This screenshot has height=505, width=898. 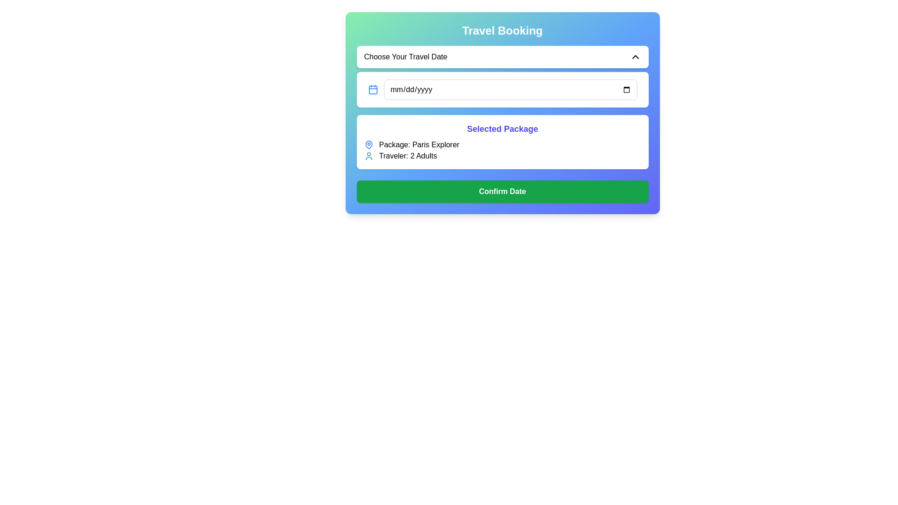 I want to click on the confirm button located at the bottom of the travel booking section to proceed with the booking process, so click(x=502, y=191).